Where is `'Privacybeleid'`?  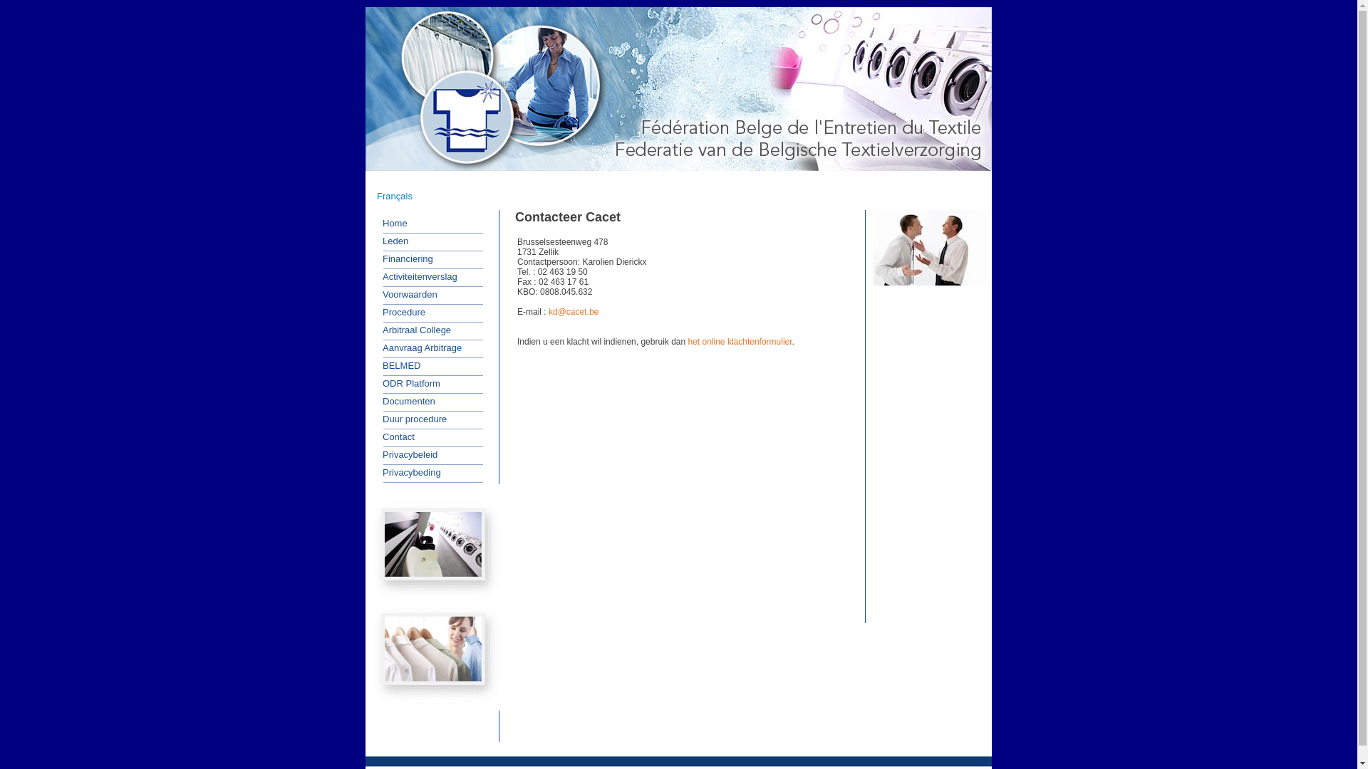
'Privacybeleid' is located at coordinates (373, 455).